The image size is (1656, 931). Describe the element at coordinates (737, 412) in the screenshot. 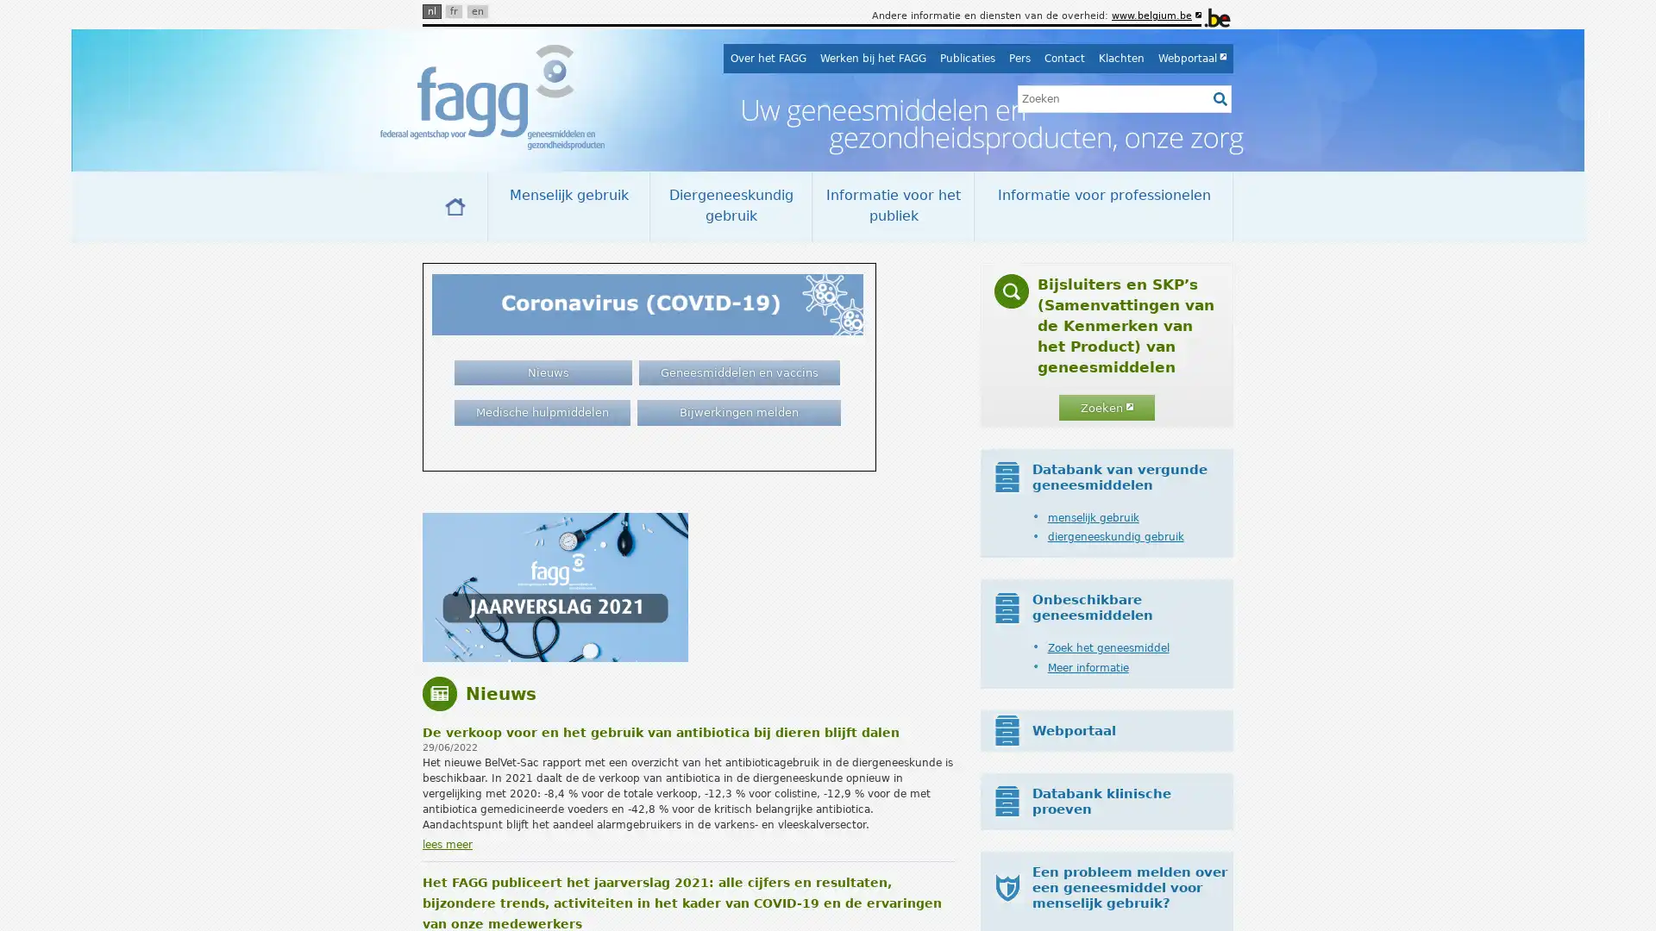

I see `Bijwerkingen melden` at that location.